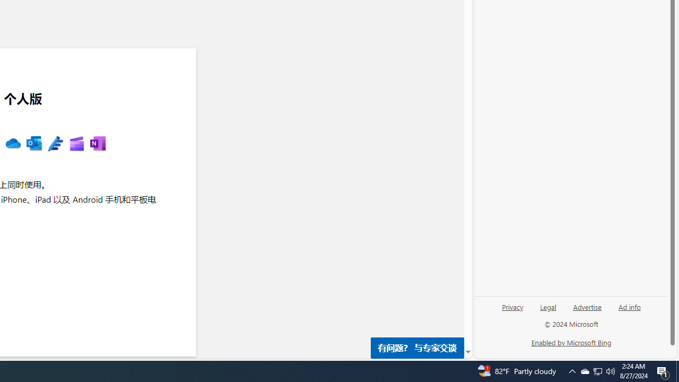 The width and height of the screenshot is (679, 382). I want to click on 'MS Clipchamp', so click(76, 144).